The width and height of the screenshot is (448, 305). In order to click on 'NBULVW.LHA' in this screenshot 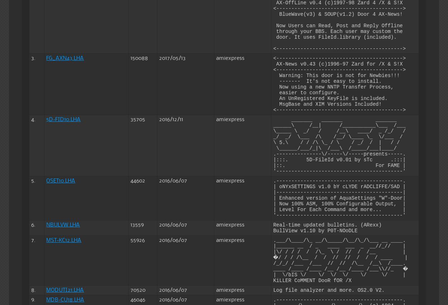, I will do `click(63, 224)`.